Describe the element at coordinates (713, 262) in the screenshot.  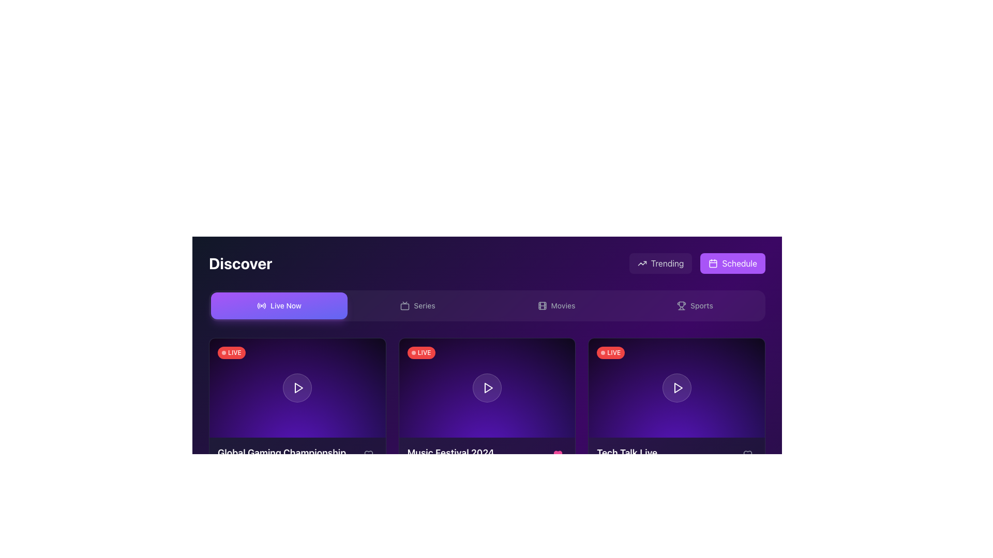
I see `the calendar icon with a purple background and white outline, which is adjacent to the 'Schedule' text` at that location.